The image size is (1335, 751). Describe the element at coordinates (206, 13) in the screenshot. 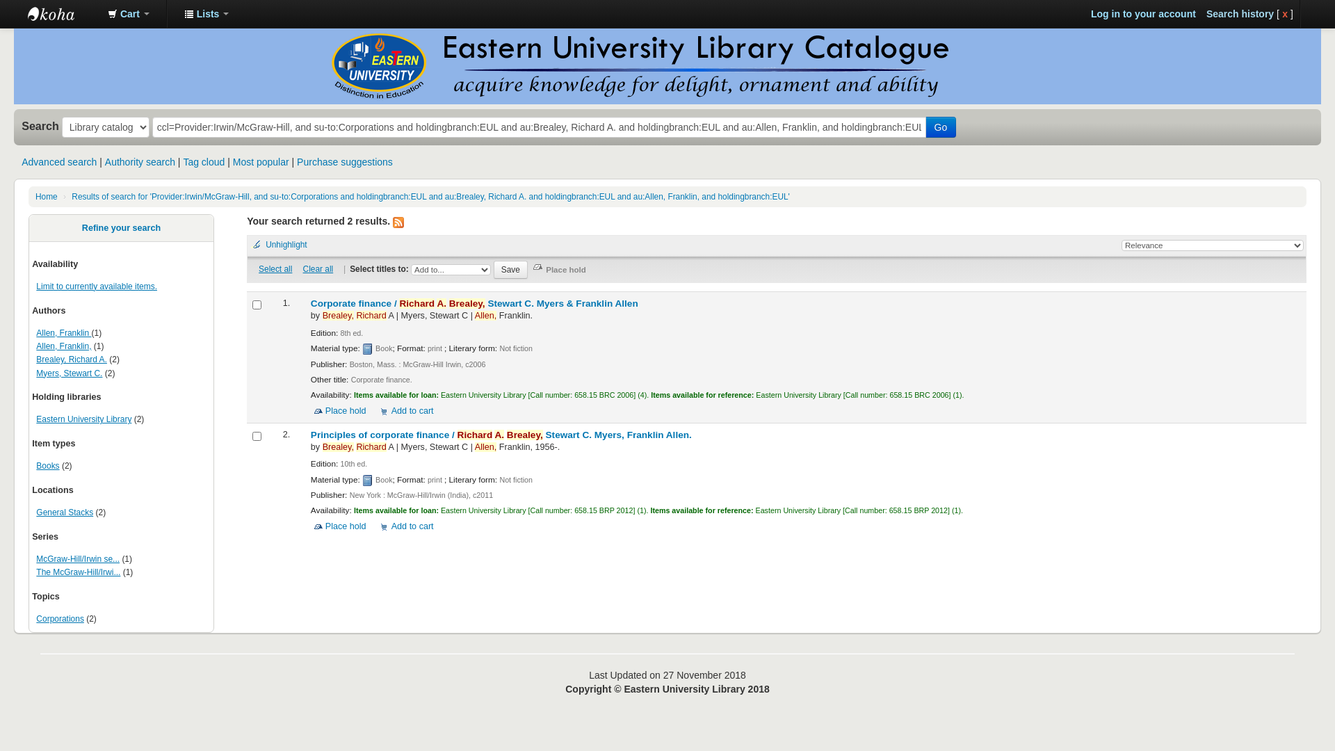

I see `'Lists'` at that location.